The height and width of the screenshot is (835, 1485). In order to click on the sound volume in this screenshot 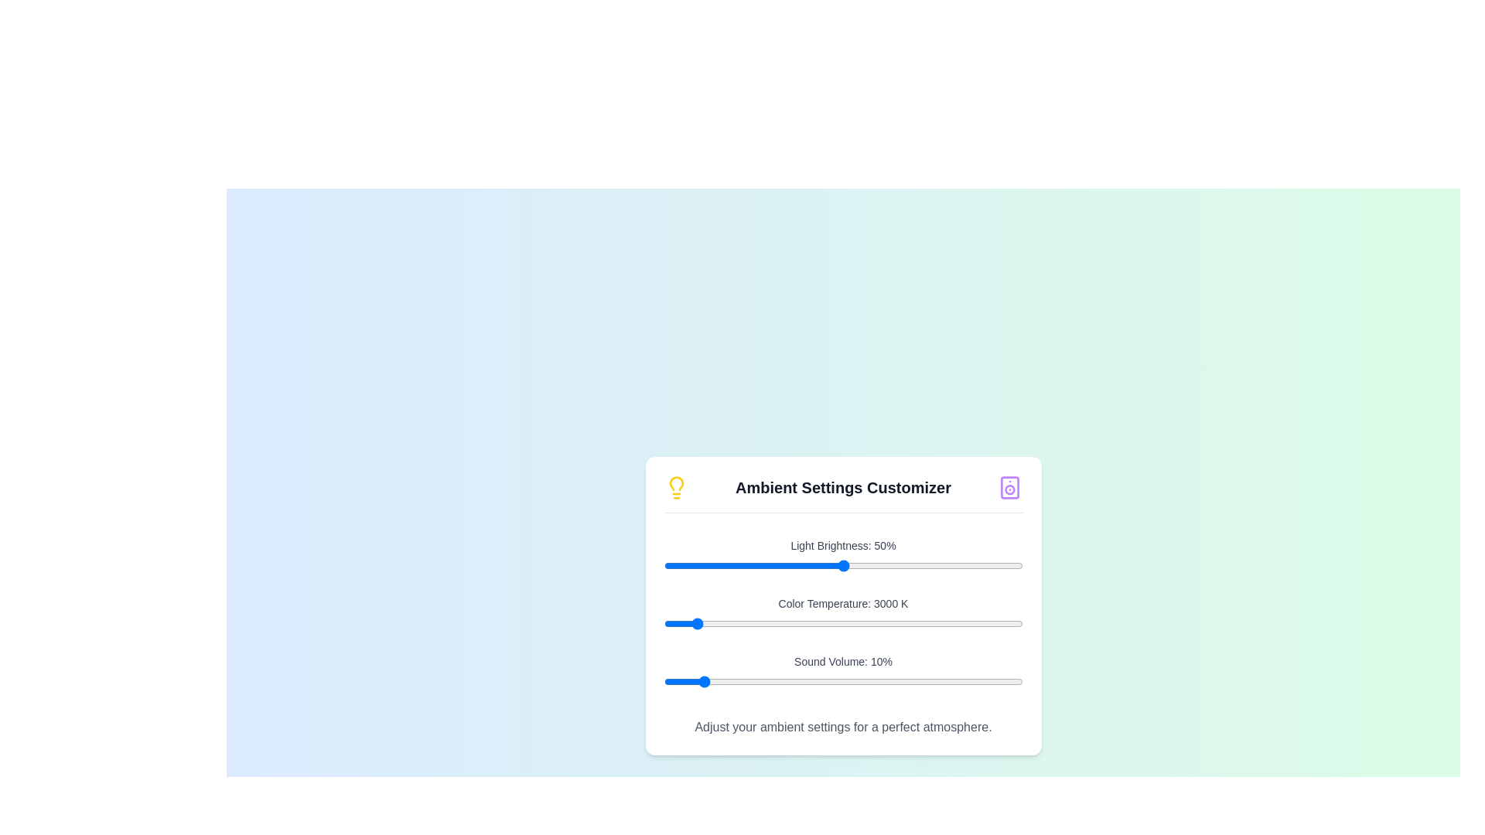, I will do `click(681, 681)`.